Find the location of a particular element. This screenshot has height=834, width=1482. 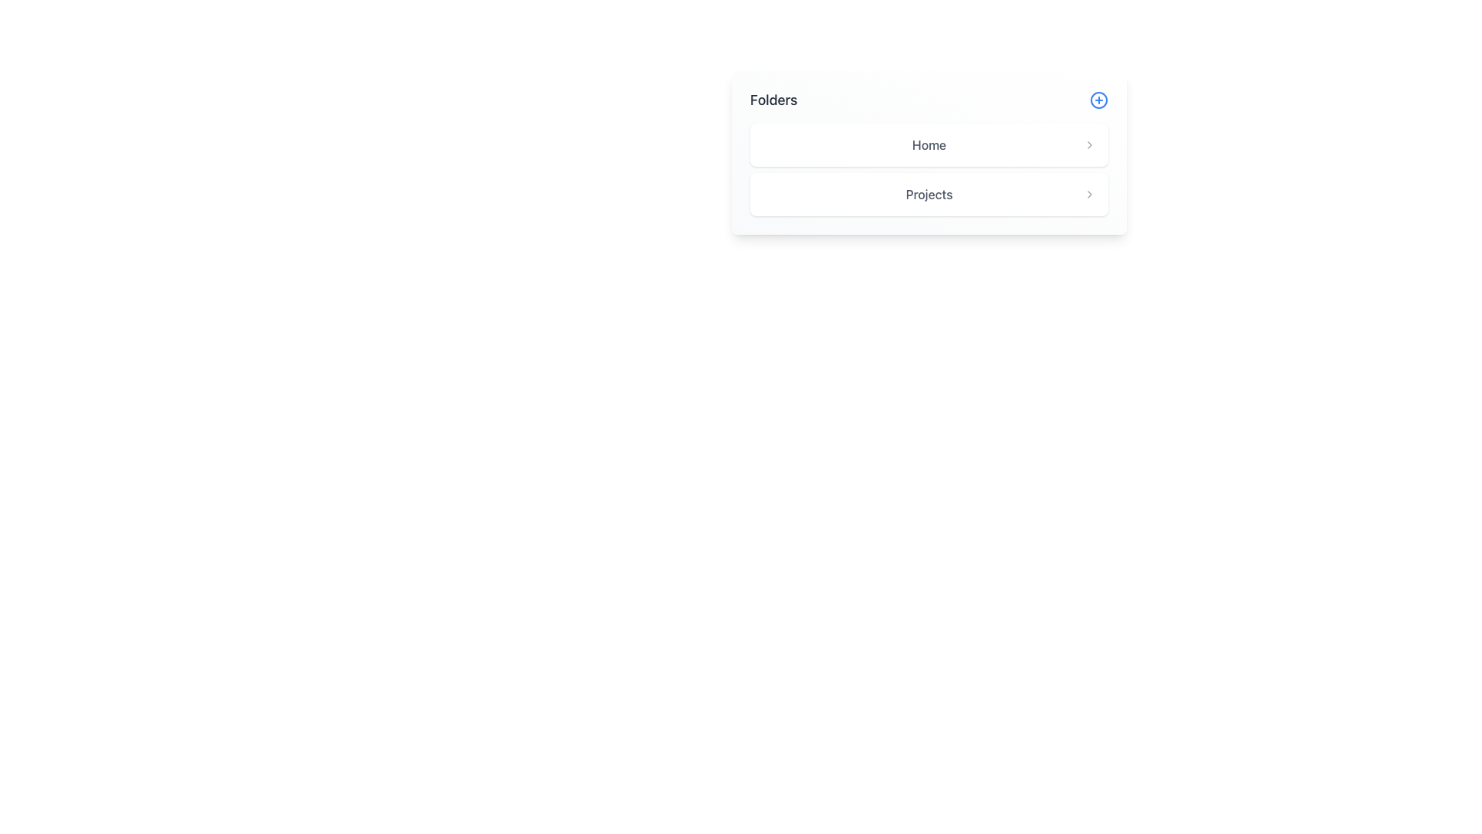

the 'Add' button located at the top-right corner of the 'Folders' section is located at coordinates (1098, 100).